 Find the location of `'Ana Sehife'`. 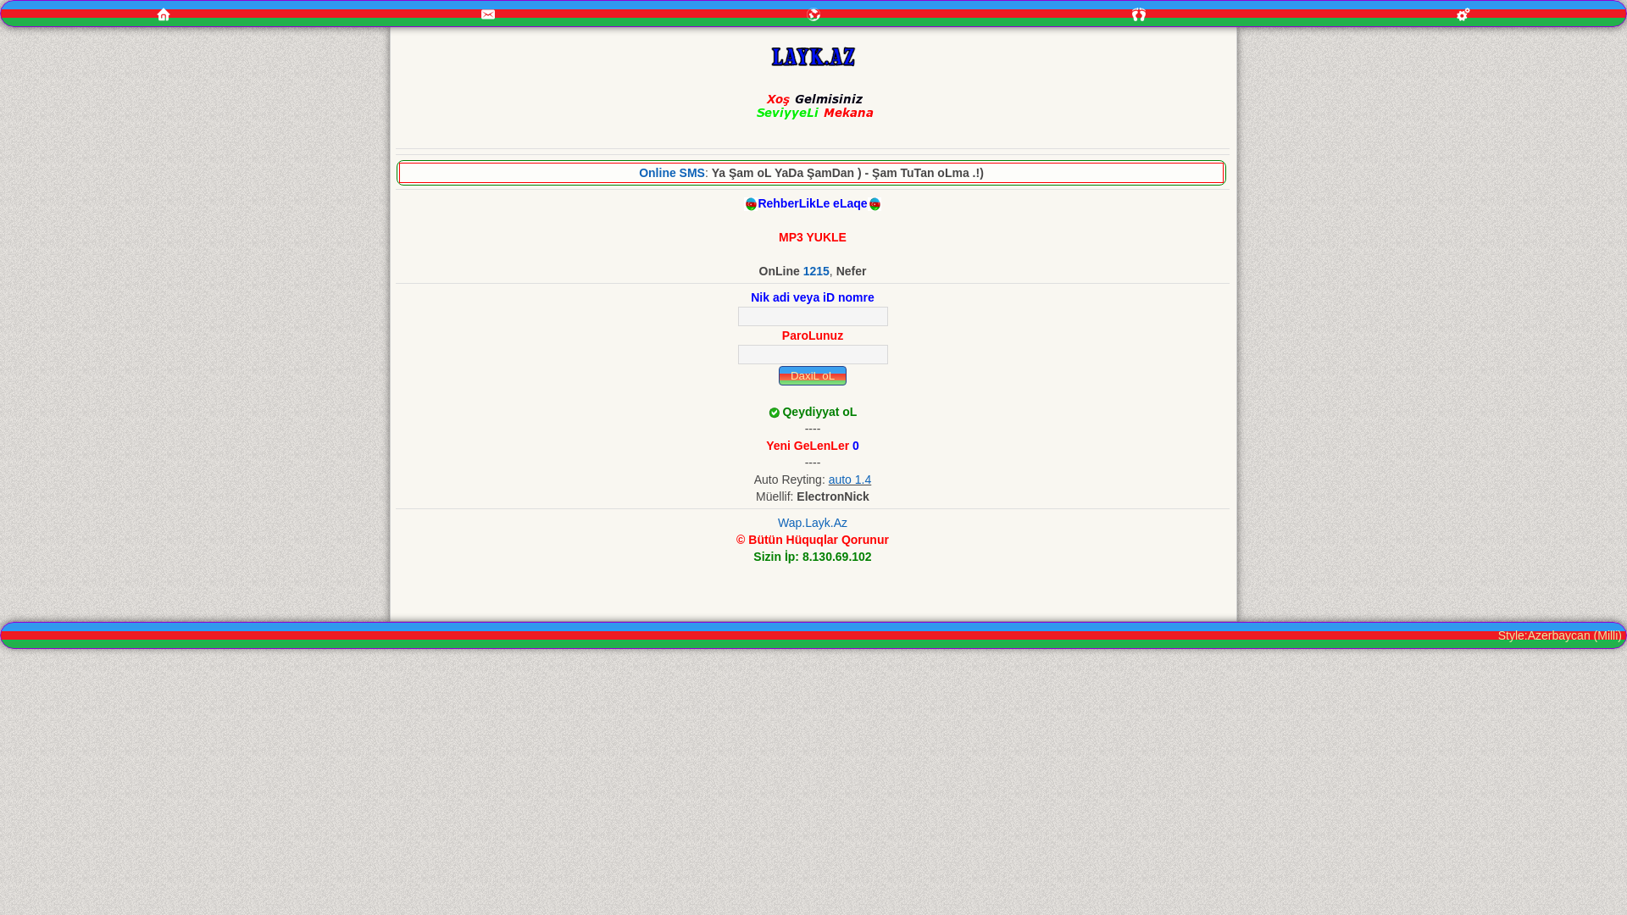

'Ana Sehife' is located at coordinates (163, 14).